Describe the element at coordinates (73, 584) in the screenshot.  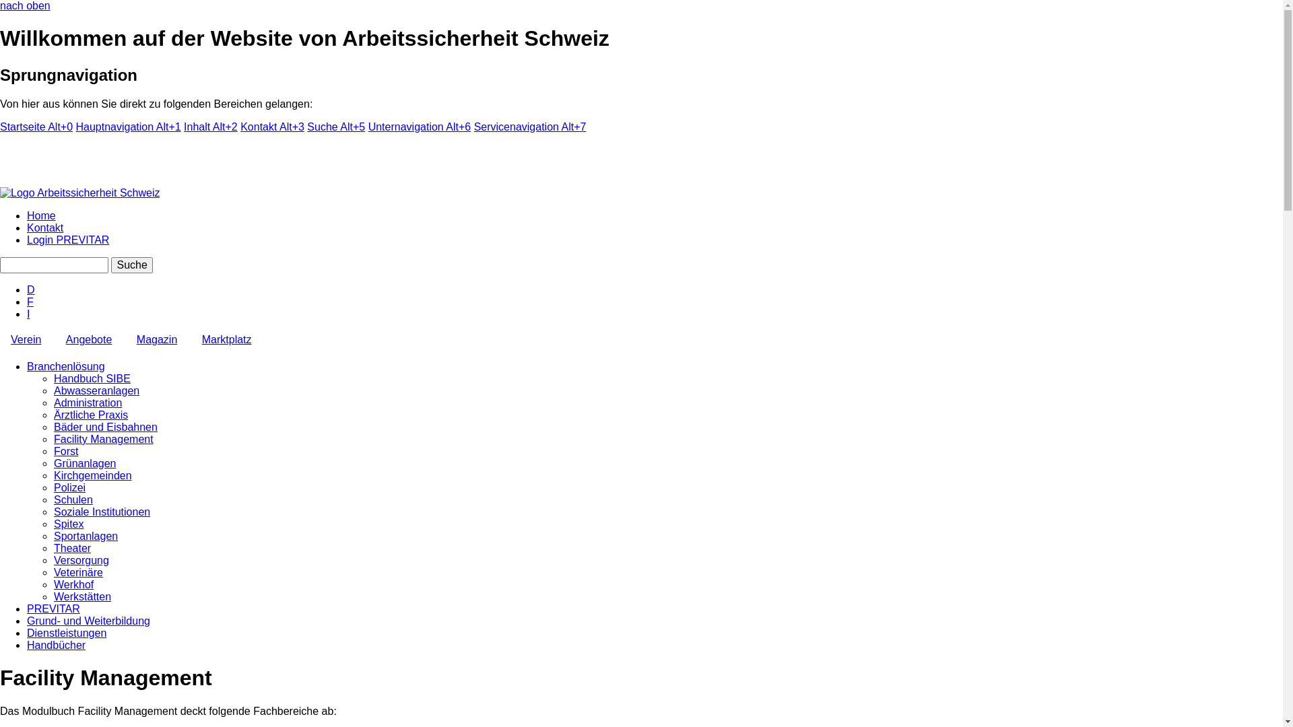
I see `'Werkhof'` at that location.